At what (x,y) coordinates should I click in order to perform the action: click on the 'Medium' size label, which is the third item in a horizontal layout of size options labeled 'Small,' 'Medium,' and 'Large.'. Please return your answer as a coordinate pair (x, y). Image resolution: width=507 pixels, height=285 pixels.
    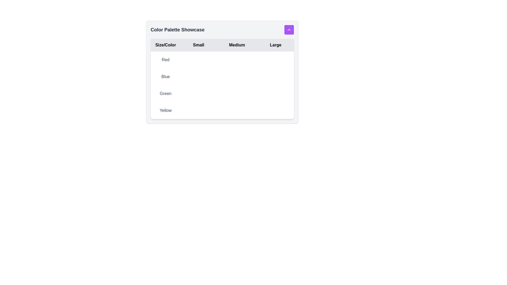
    Looking at the image, I should click on (237, 45).